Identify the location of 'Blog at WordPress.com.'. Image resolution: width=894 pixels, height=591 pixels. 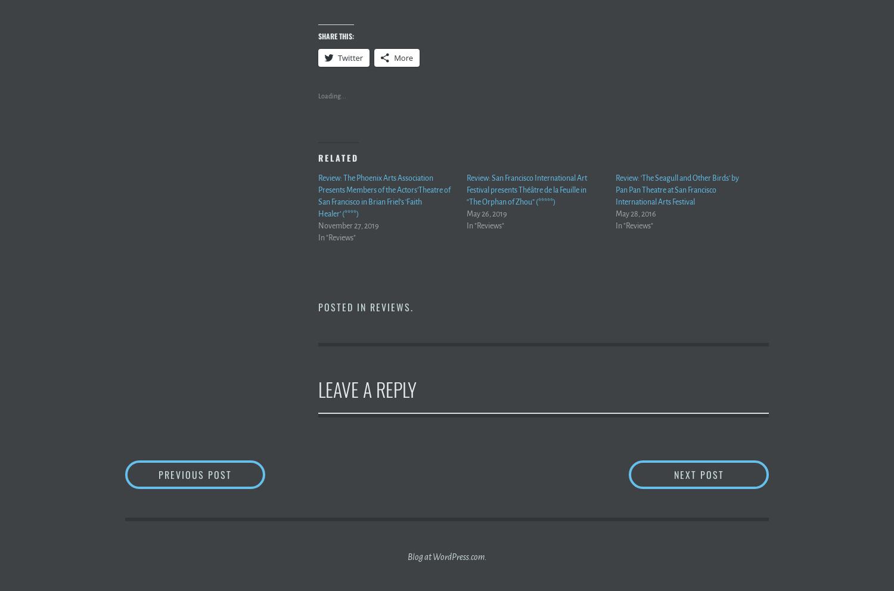
(446, 556).